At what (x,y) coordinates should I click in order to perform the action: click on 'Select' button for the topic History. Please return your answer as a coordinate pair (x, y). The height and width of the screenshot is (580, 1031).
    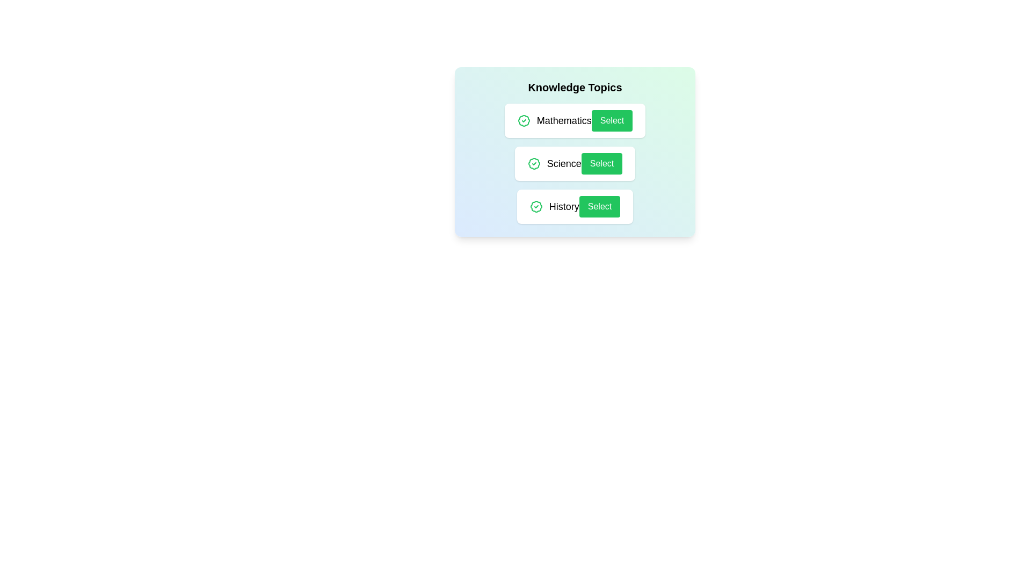
    Looking at the image, I should click on (599, 207).